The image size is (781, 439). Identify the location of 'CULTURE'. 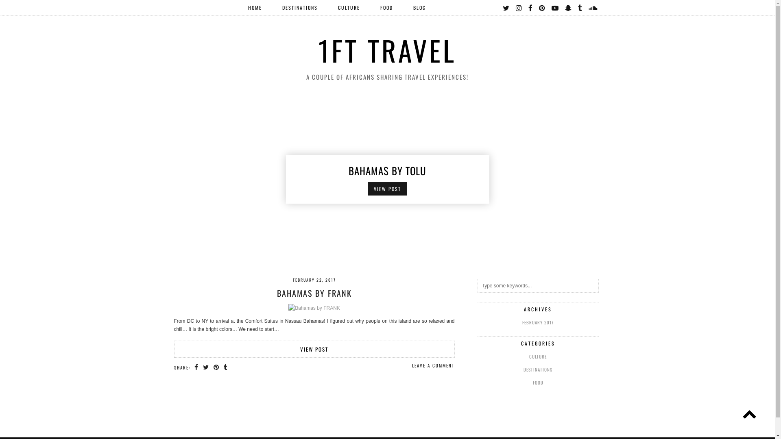
(349, 8).